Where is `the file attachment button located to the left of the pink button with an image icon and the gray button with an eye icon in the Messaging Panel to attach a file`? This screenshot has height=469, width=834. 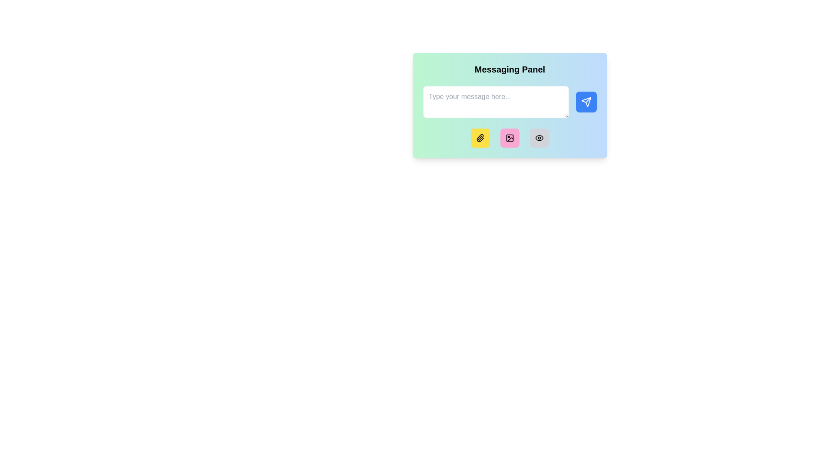
the file attachment button located to the left of the pink button with an image icon and the gray button with an eye icon in the Messaging Panel to attach a file is located at coordinates (480, 137).